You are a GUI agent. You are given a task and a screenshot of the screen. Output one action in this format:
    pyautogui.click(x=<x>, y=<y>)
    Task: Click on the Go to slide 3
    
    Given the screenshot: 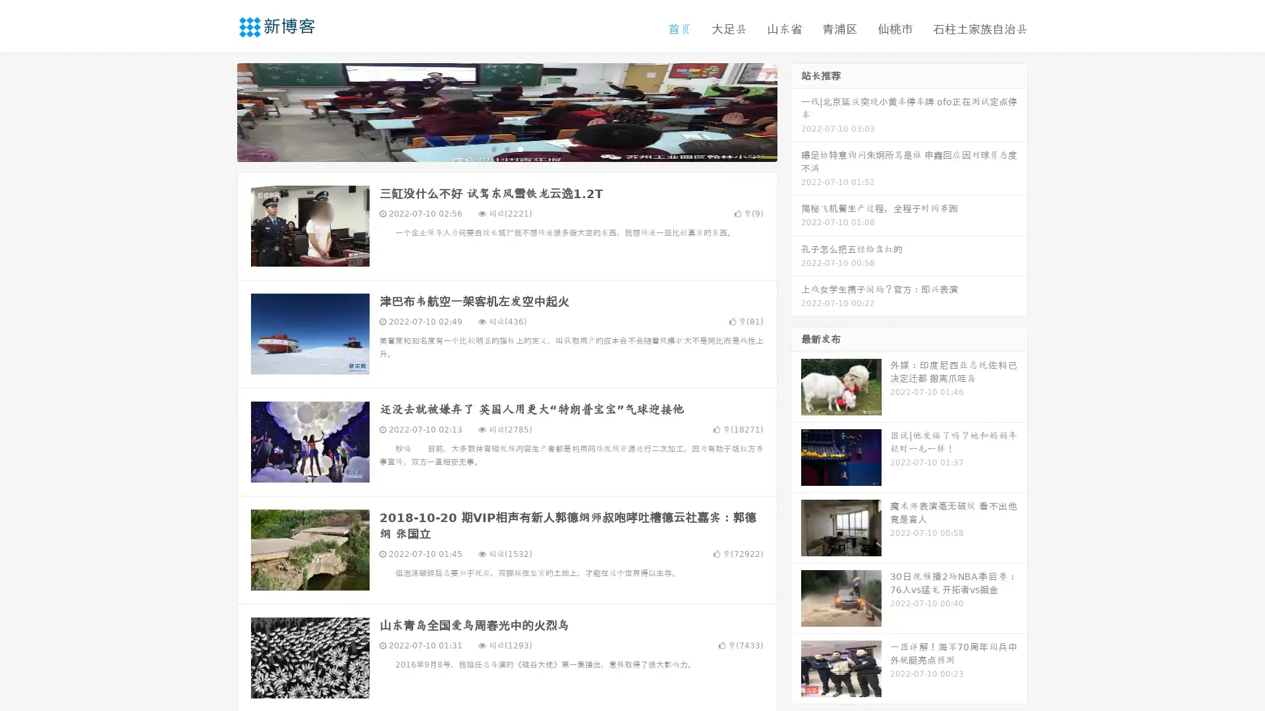 What is the action you would take?
    pyautogui.click(x=520, y=148)
    